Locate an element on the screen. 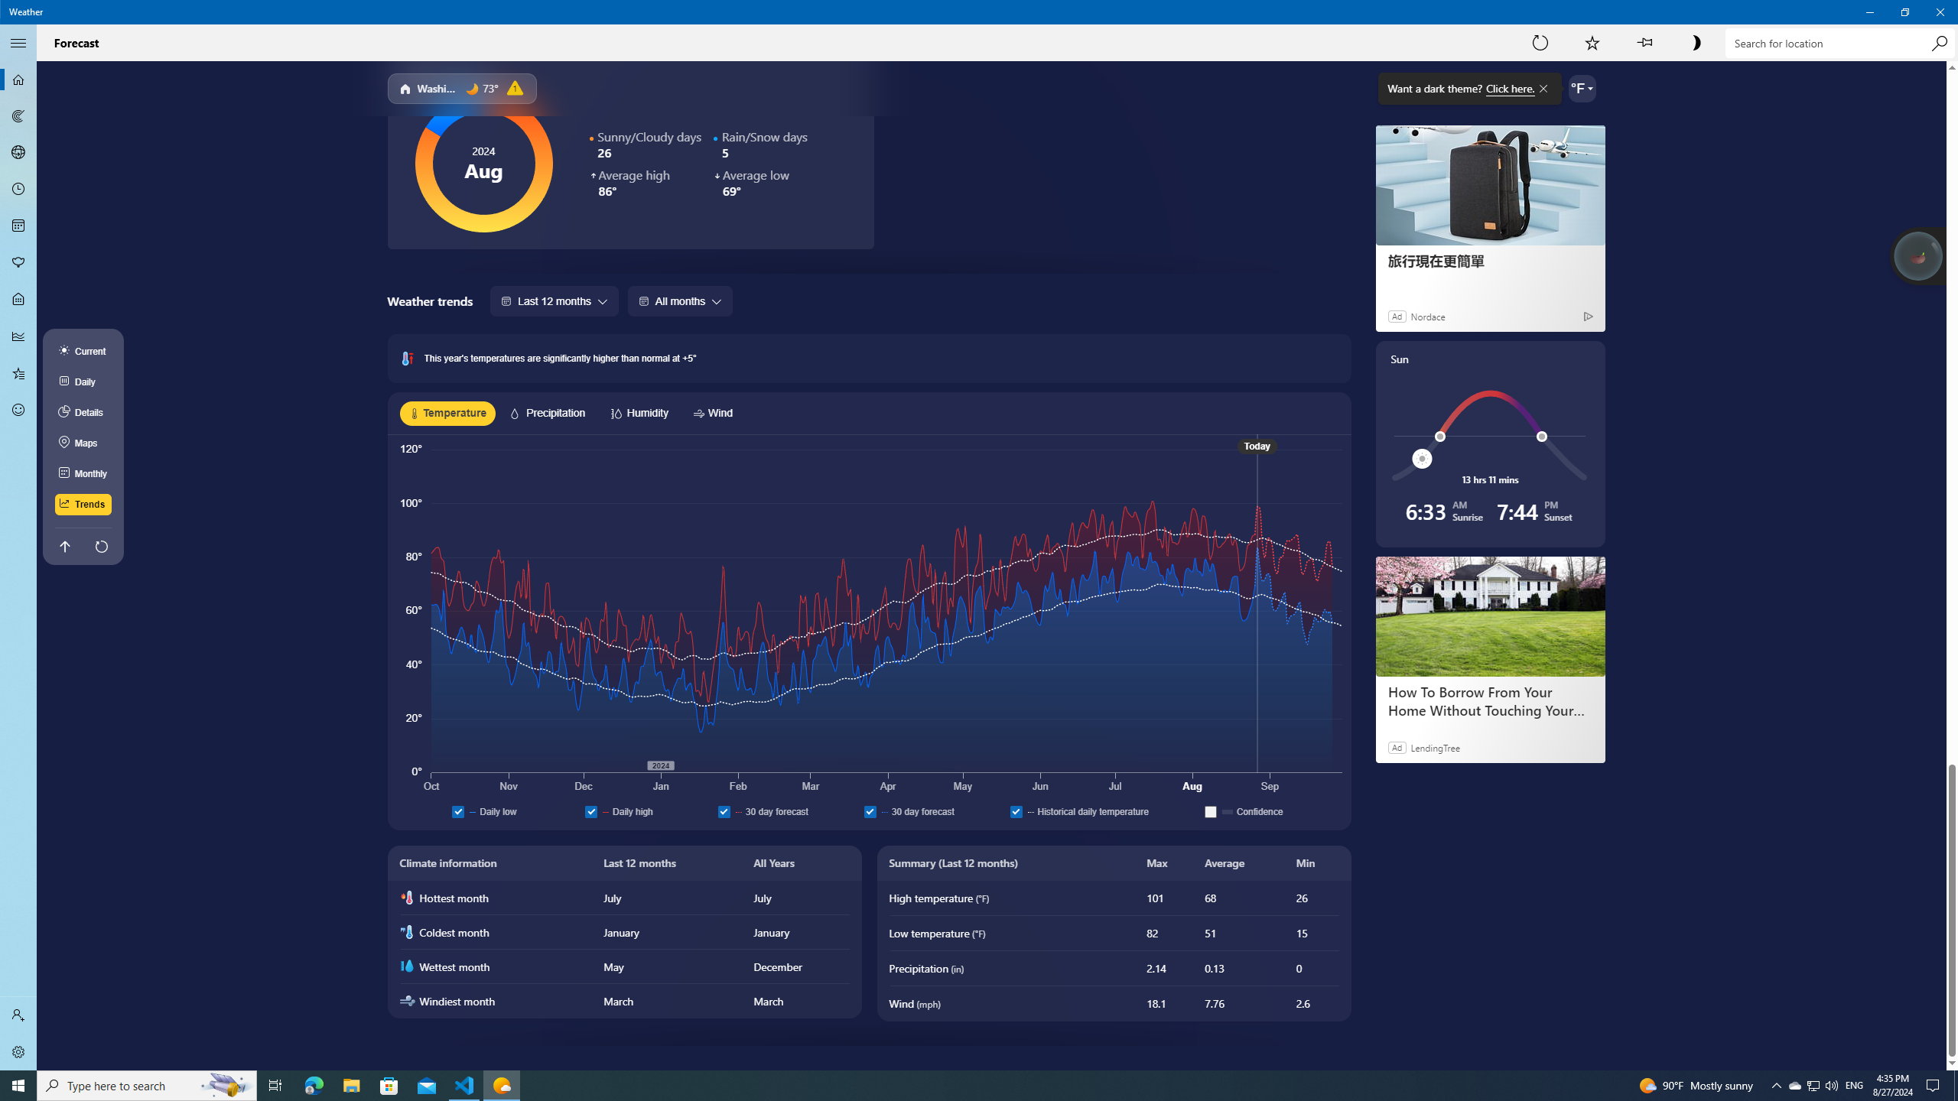  'Pollen - Not Selected' is located at coordinates (18, 263).